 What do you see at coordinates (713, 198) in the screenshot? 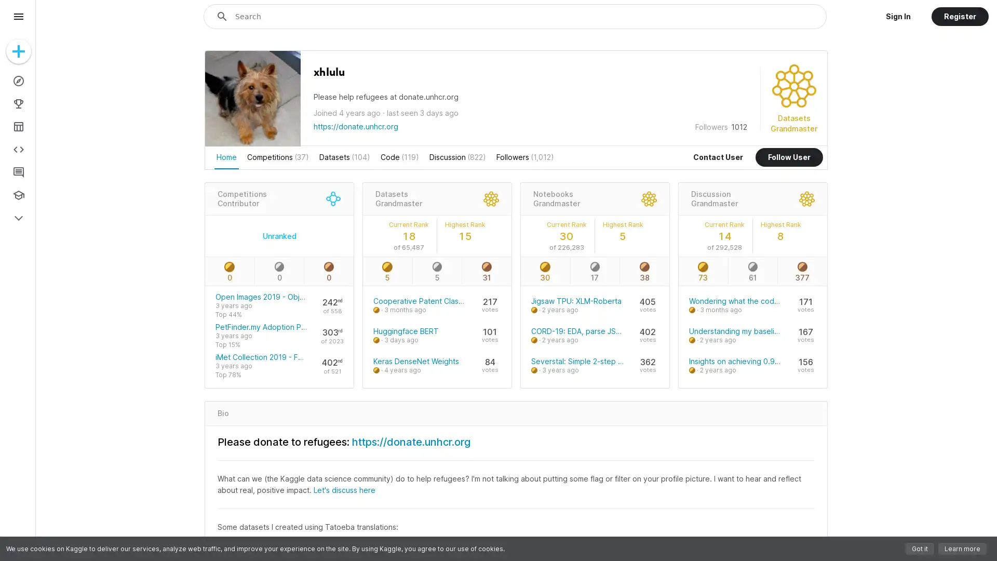
I see `Discussion Grandmaster` at bounding box center [713, 198].